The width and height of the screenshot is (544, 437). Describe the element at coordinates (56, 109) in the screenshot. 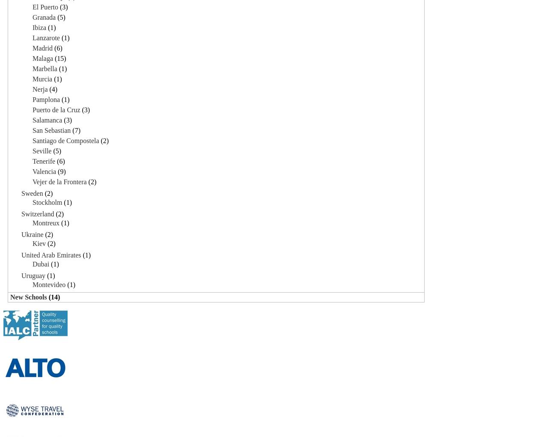

I see `'Puerto de la Cruz'` at that location.